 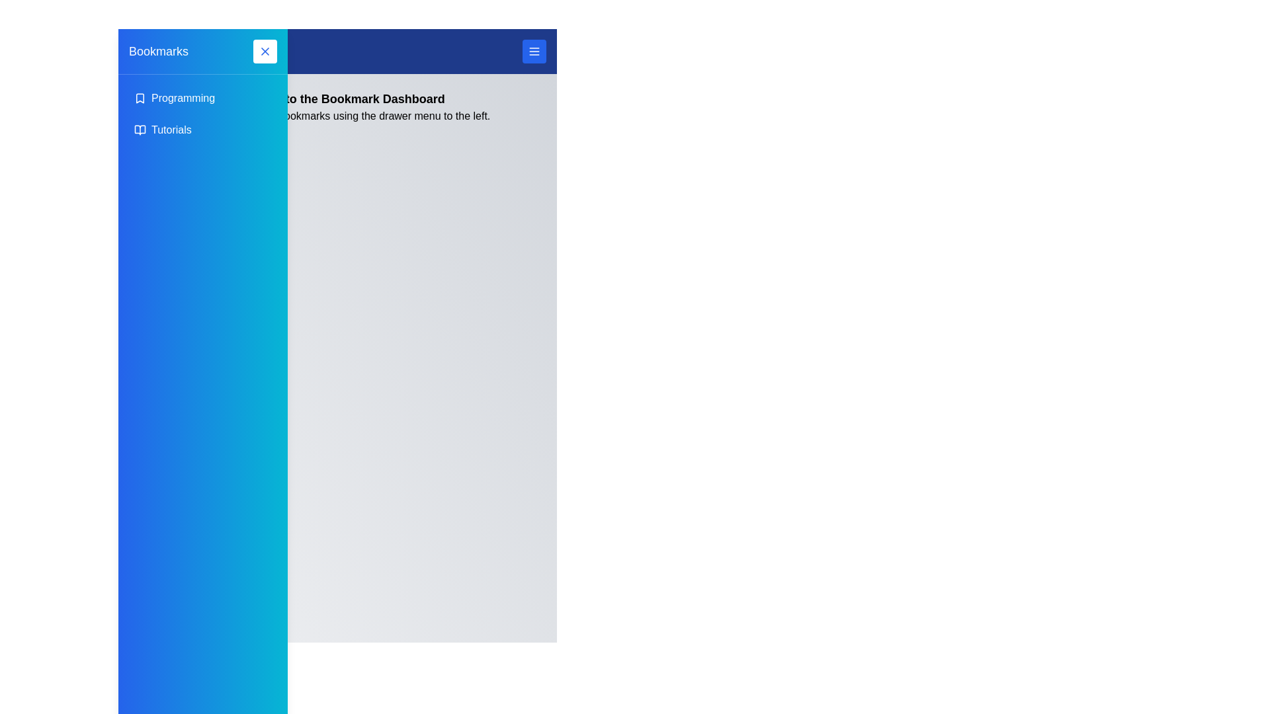 What do you see at coordinates (202, 130) in the screenshot?
I see `the 'Tutorials' interactive menu button in the sidebar` at bounding box center [202, 130].